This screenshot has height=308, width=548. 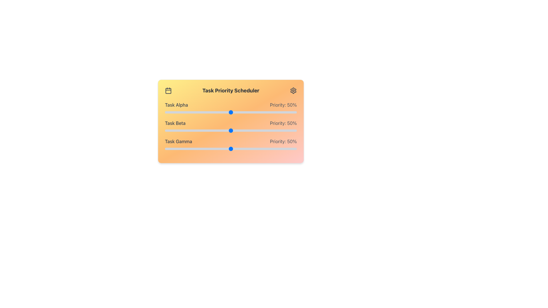 What do you see at coordinates (204, 131) in the screenshot?
I see `the "Task Beta" priority` at bounding box center [204, 131].